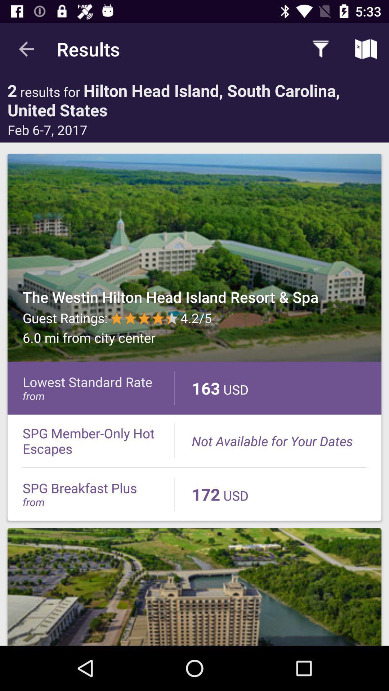 This screenshot has height=691, width=389. What do you see at coordinates (26, 49) in the screenshot?
I see `the icon next to the results` at bounding box center [26, 49].